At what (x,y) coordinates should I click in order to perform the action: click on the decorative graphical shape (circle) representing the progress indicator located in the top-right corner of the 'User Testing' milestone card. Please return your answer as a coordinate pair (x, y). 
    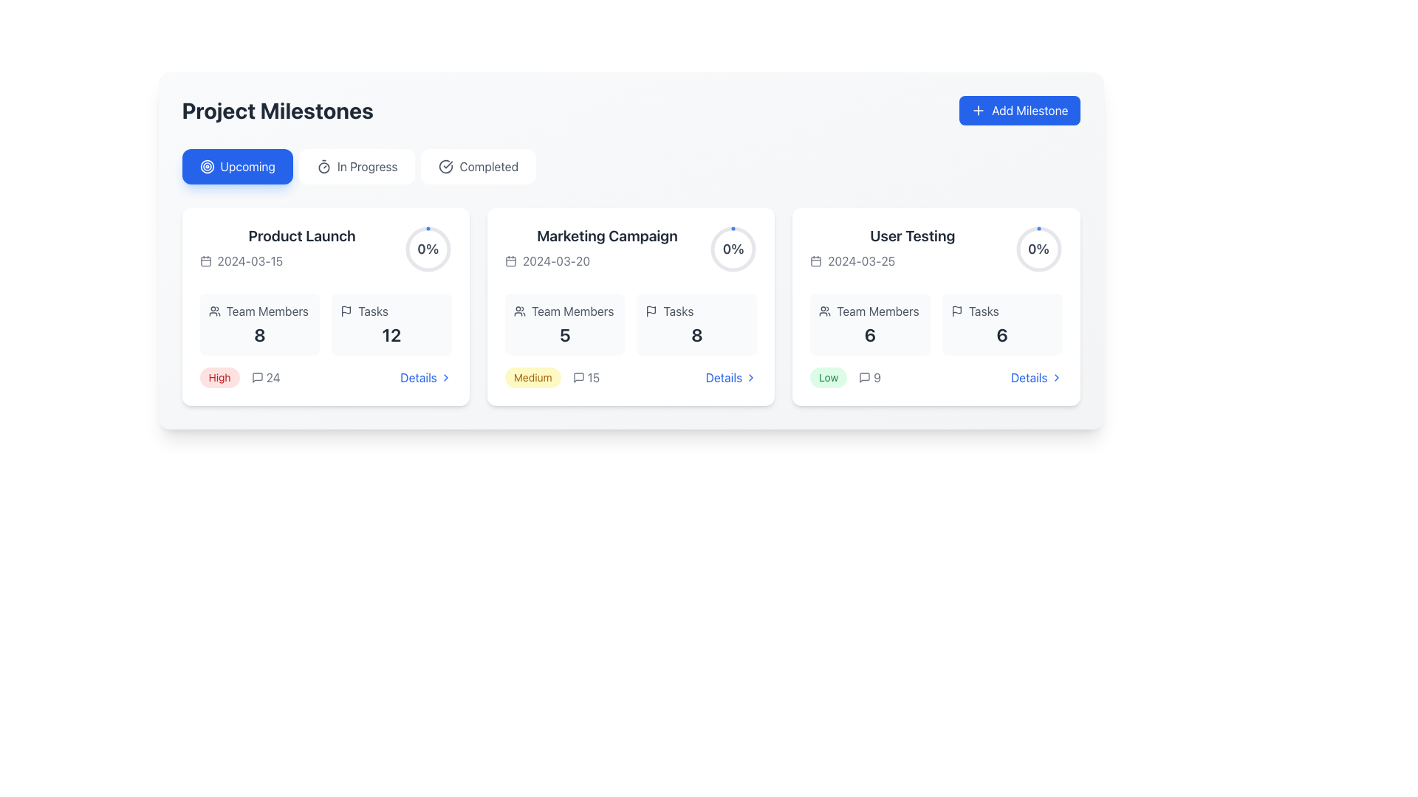
    Looking at the image, I should click on (1038, 249).